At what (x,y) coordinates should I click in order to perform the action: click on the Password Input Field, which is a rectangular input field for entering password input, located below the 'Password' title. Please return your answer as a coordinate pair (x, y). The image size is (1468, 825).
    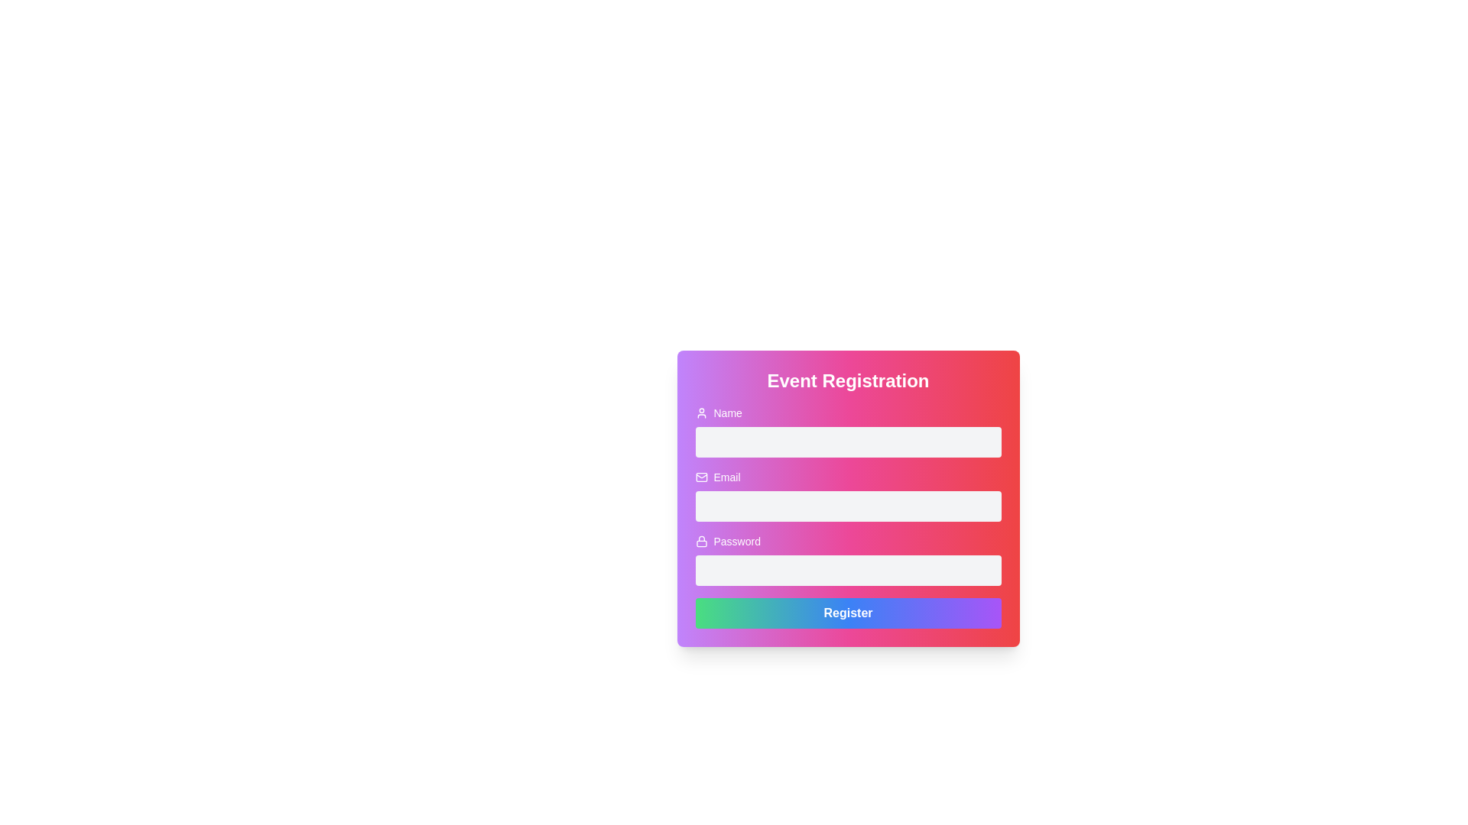
    Looking at the image, I should click on (847, 571).